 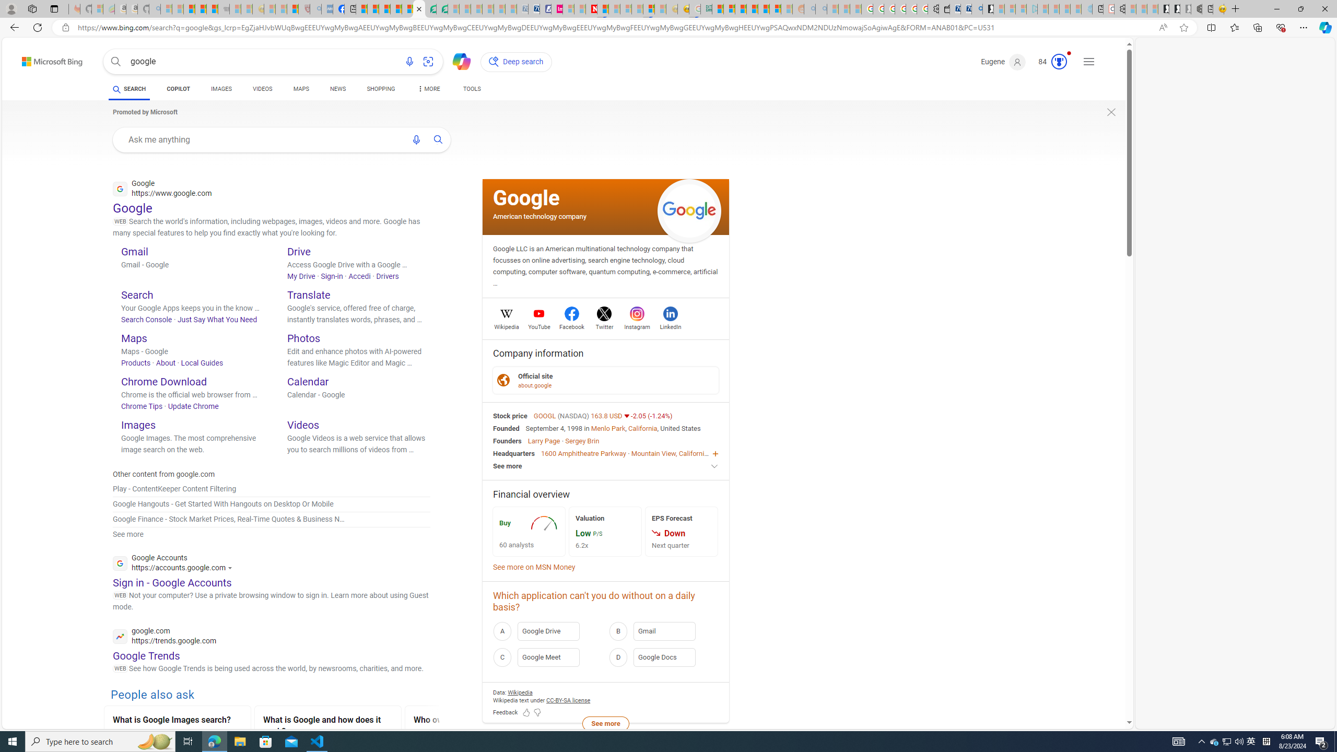 What do you see at coordinates (510, 415) in the screenshot?
I see `'Stock price'` at bounding box center [510, 415].